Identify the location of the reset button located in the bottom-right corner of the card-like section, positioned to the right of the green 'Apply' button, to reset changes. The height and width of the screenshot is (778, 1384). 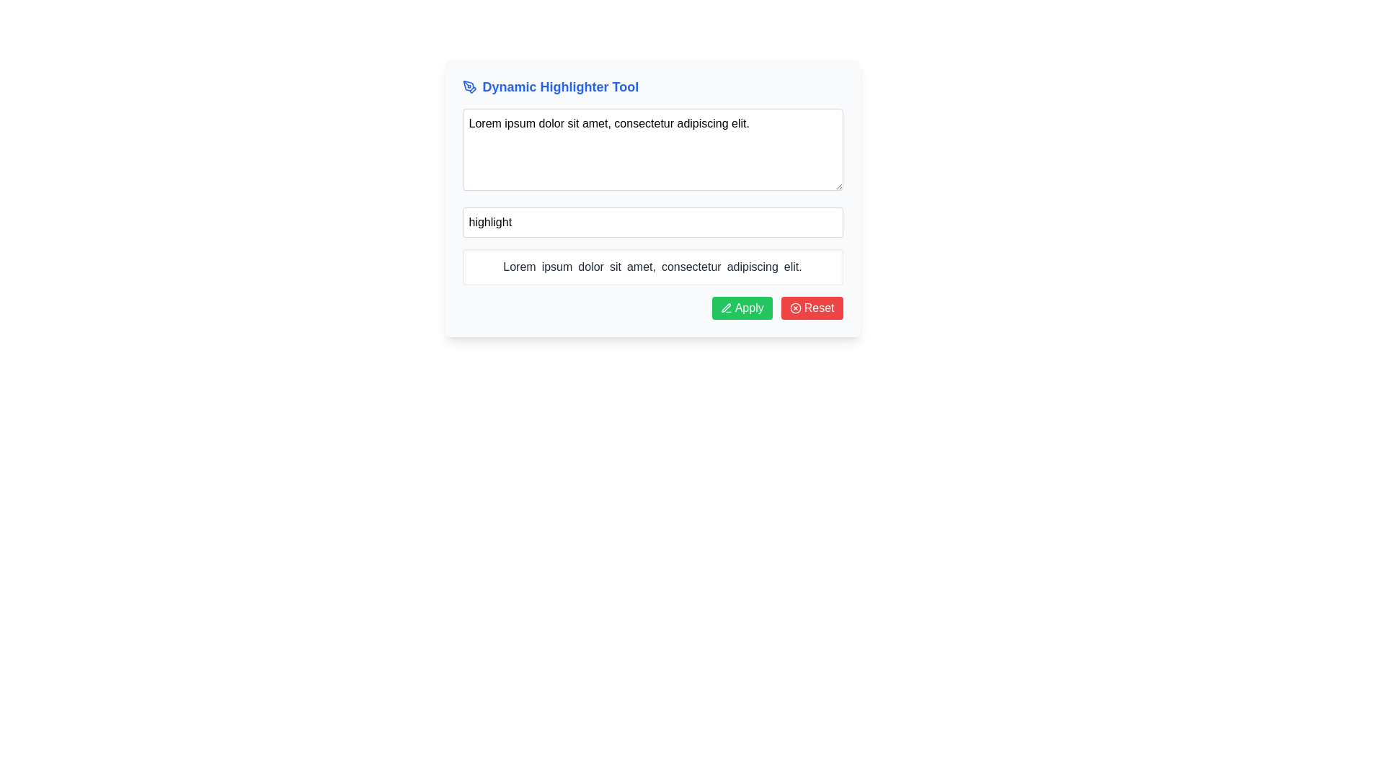
(812, 308).